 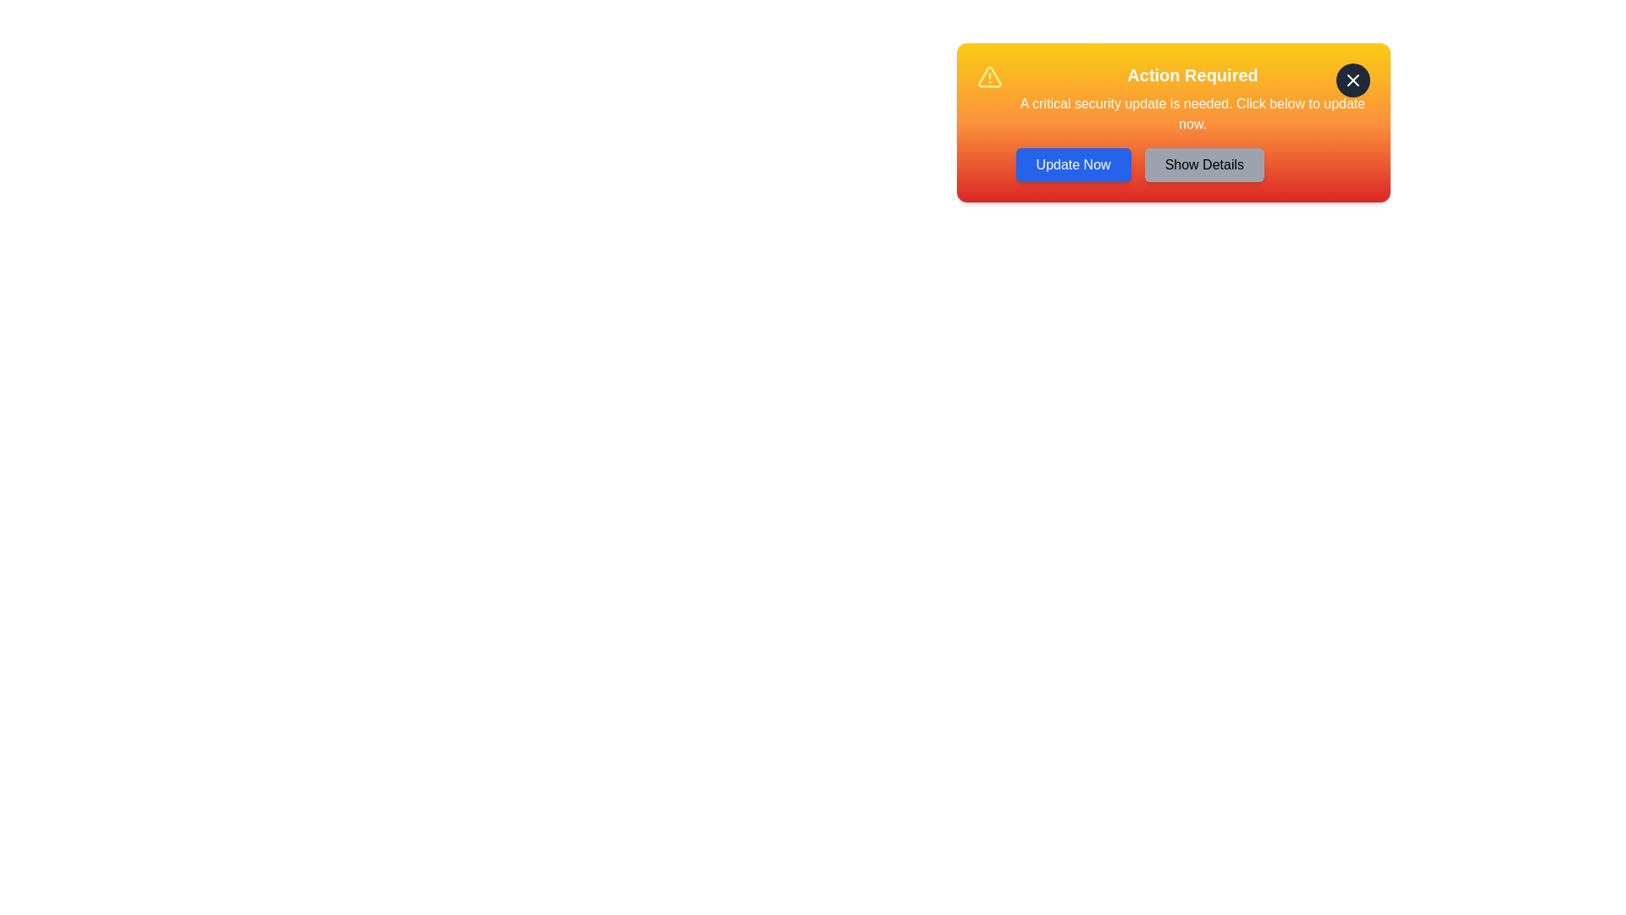 What do you see at coordinates (1072, 165) in the screenshot?
I see `'Update Now' button to trigger the update prompt` at bounding box center [1072, 165].